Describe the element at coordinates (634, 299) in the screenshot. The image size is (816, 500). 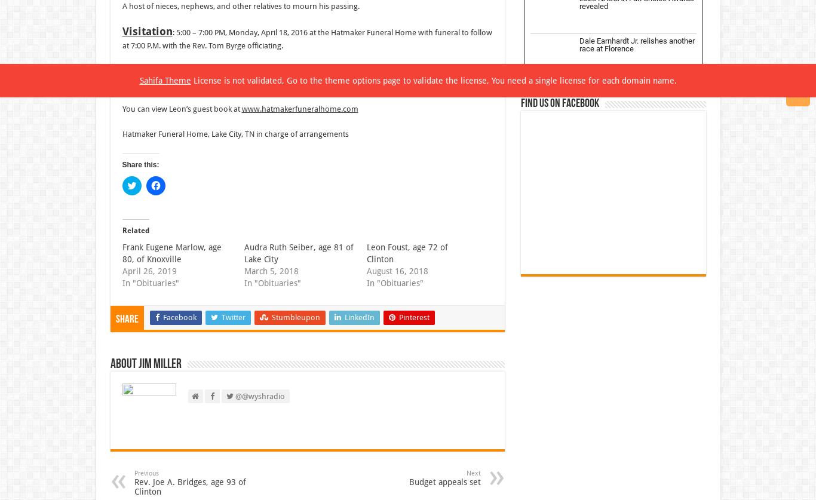
I see `'Blaney sweeping the competition when it matters most'` at that location.